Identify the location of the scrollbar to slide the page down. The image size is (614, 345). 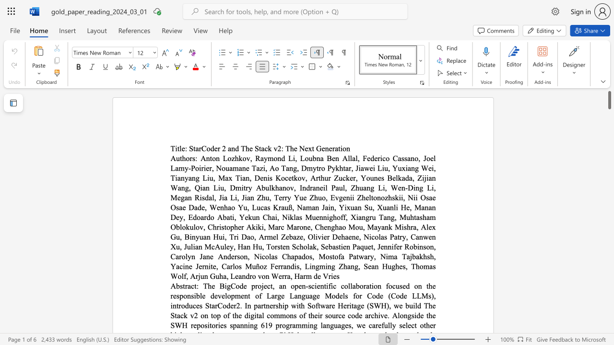
(609, 278).